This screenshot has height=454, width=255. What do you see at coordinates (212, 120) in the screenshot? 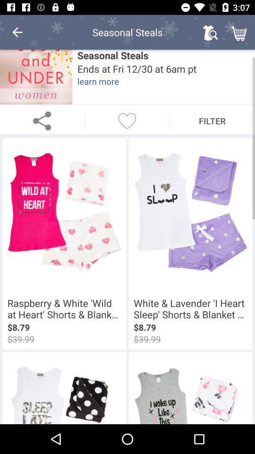
I see `the filter` at bounding box center [212, 120].